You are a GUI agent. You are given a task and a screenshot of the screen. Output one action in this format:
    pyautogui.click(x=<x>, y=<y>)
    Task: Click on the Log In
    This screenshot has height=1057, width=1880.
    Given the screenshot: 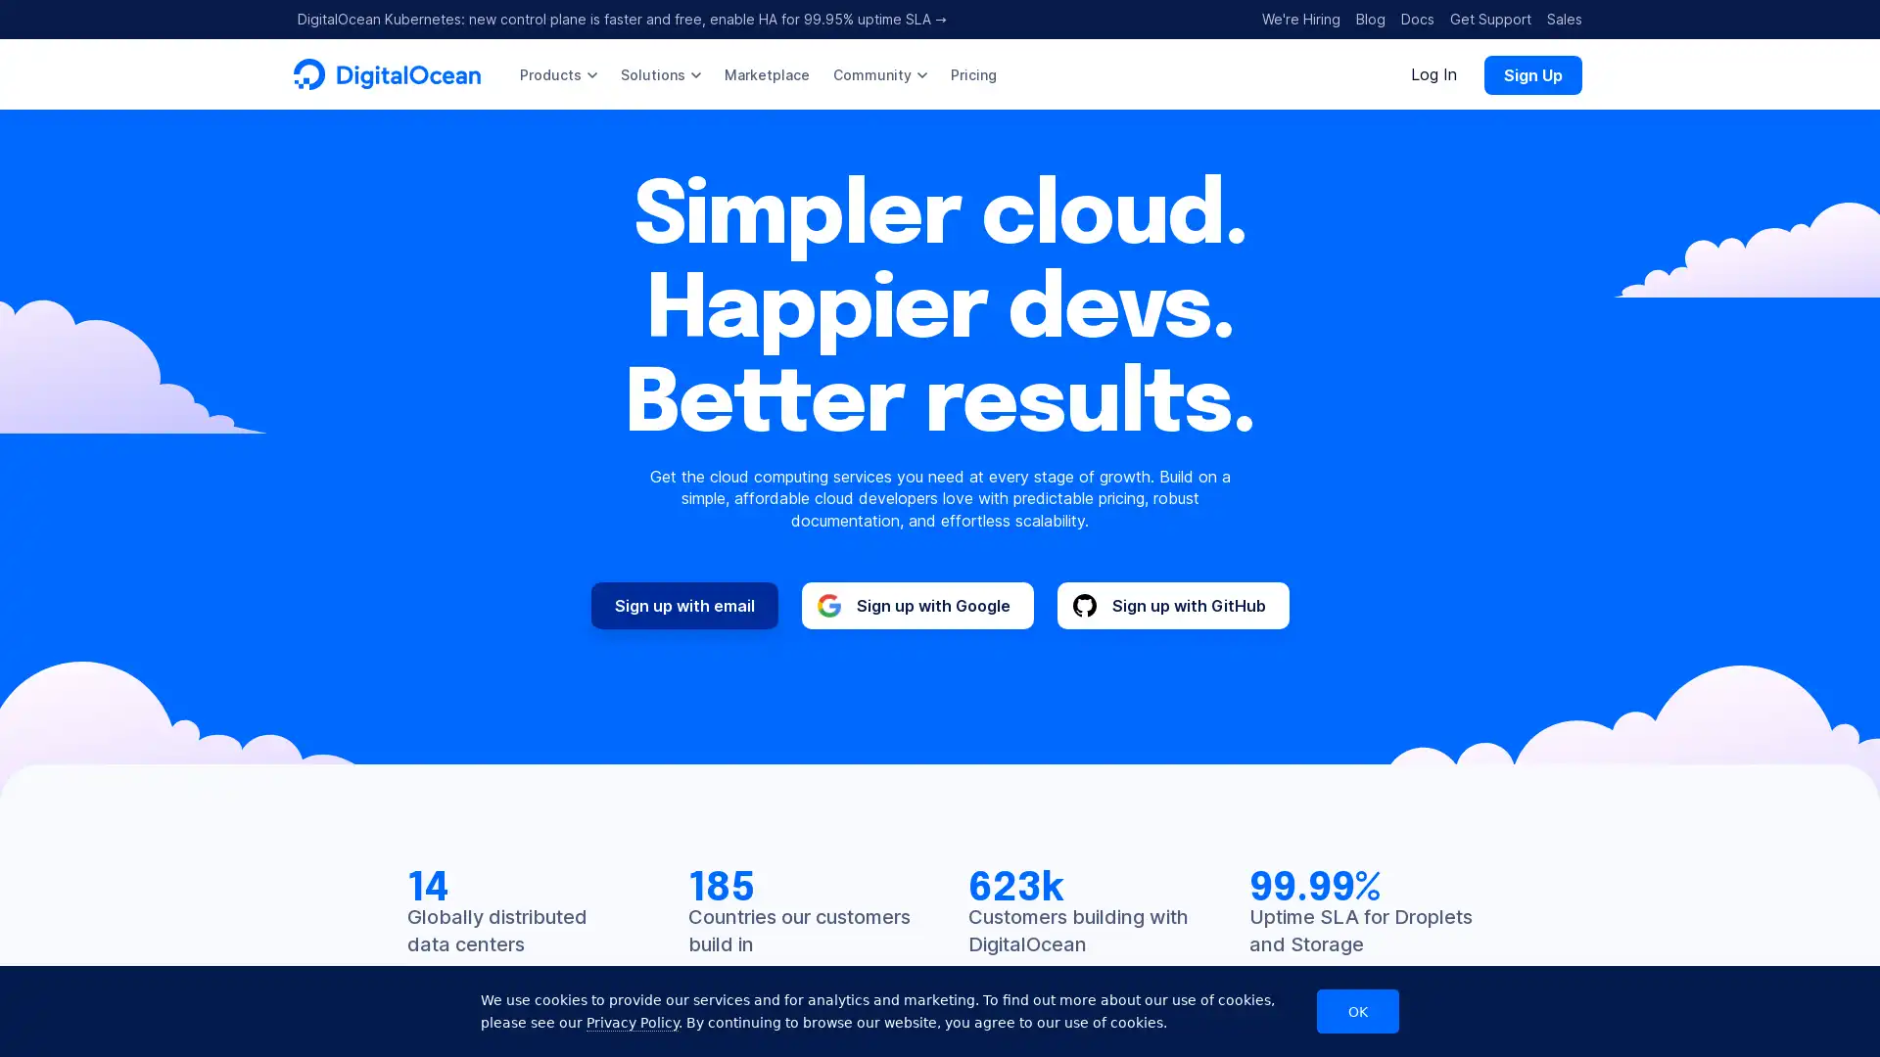 What is the action you would take?
    pyautogui.click(x=1433, y=73)
    